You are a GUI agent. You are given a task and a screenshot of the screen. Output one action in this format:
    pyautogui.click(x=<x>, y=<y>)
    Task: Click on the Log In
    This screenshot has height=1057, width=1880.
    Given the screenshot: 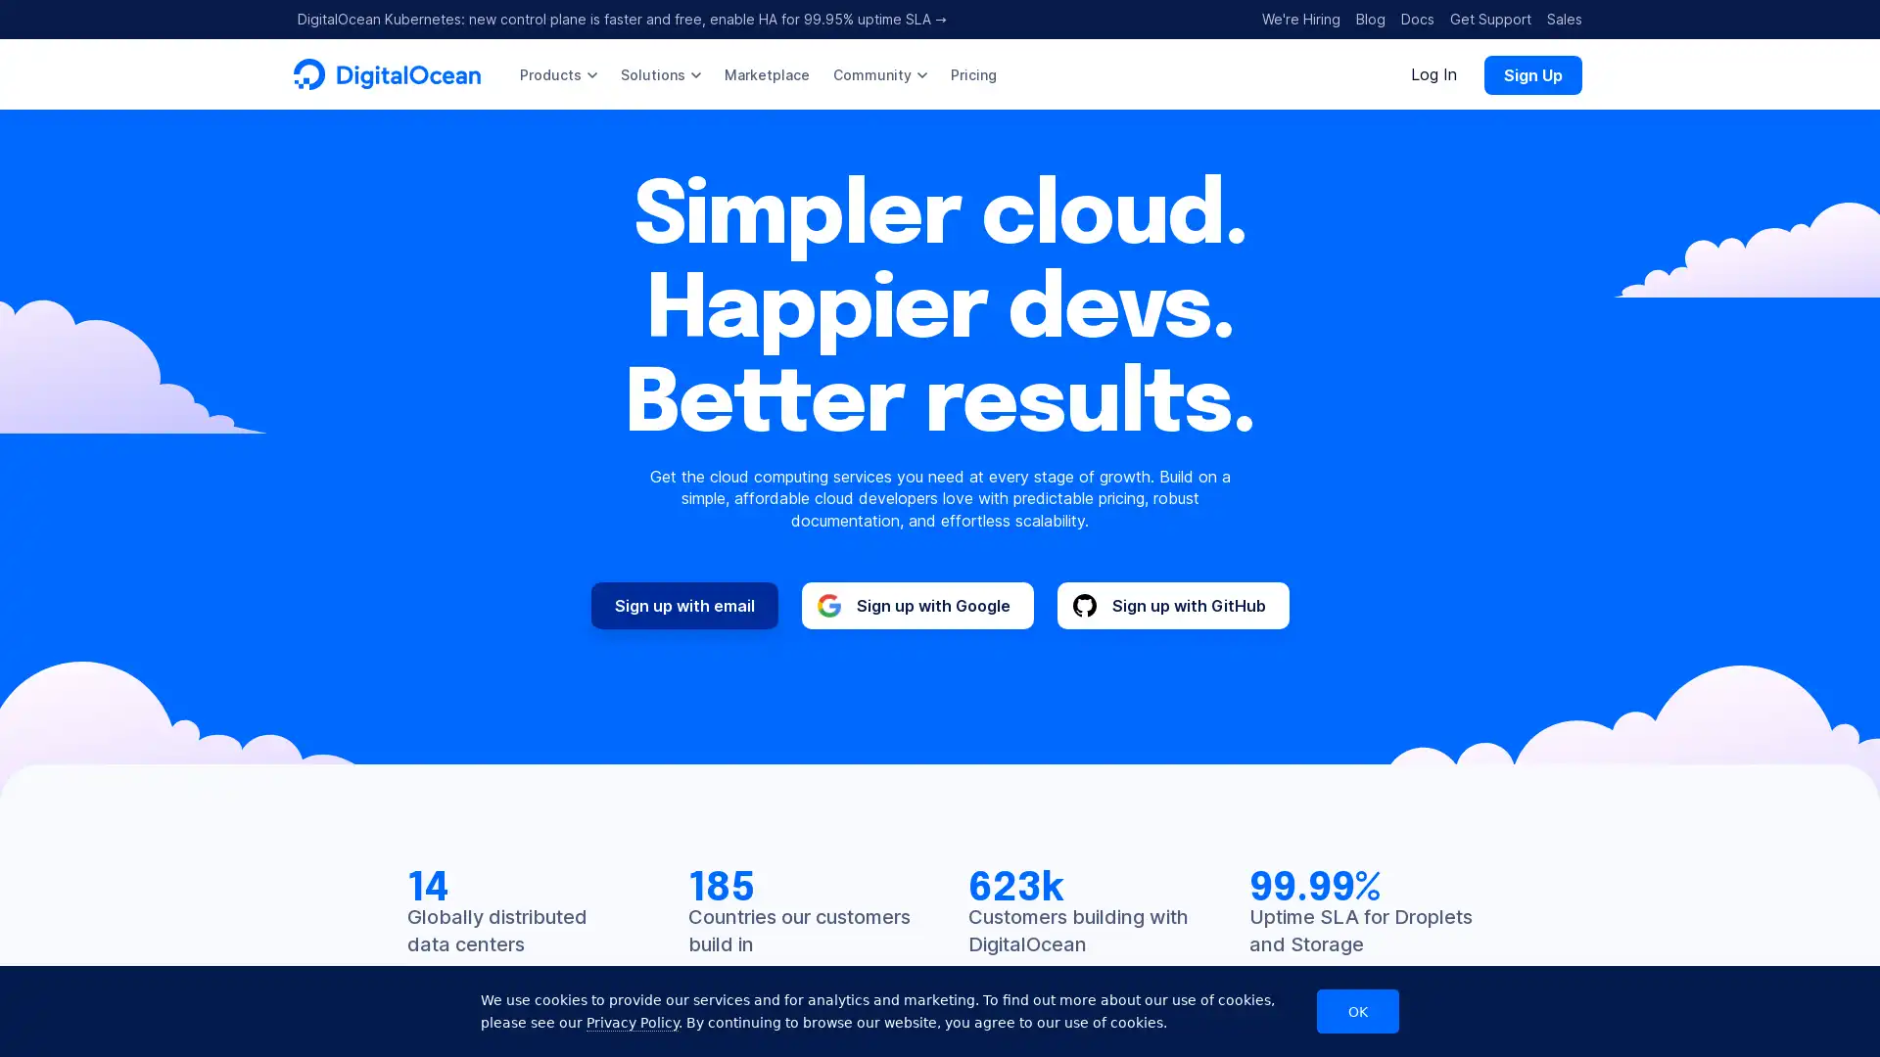 What is the action you would take?
    pyautogui.click(x=1433, y=73)
    